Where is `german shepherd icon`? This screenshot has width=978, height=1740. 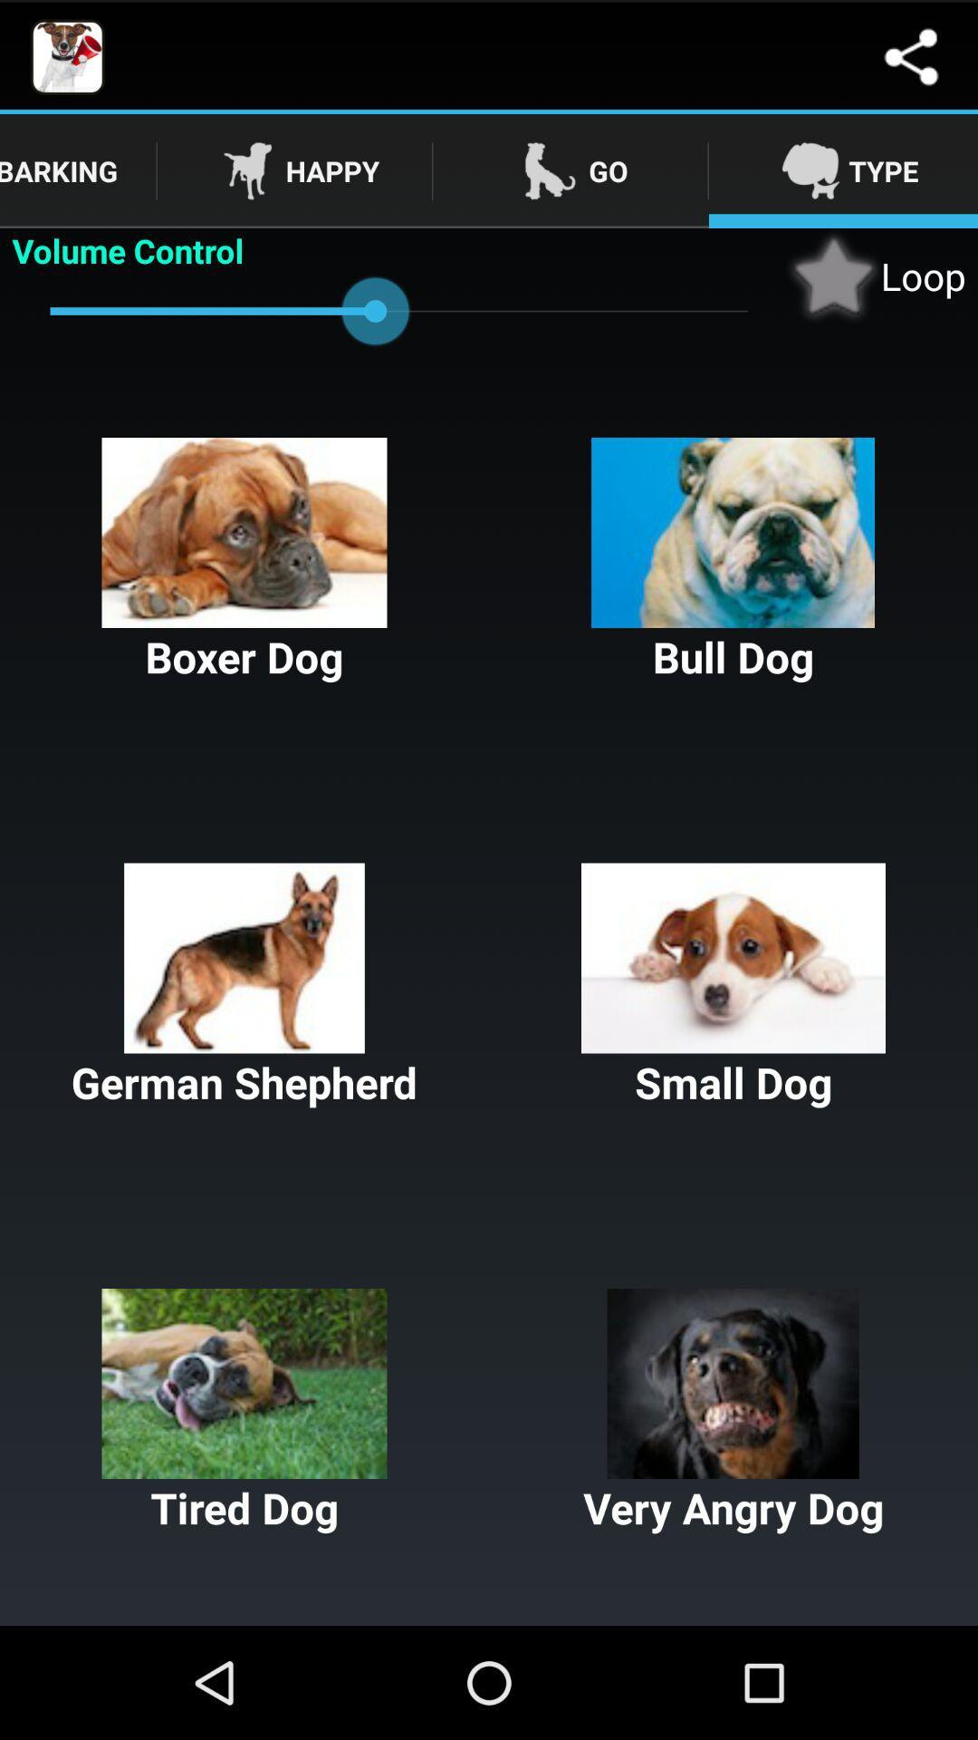 german shepherd icon is located at coordinates (244, 986).